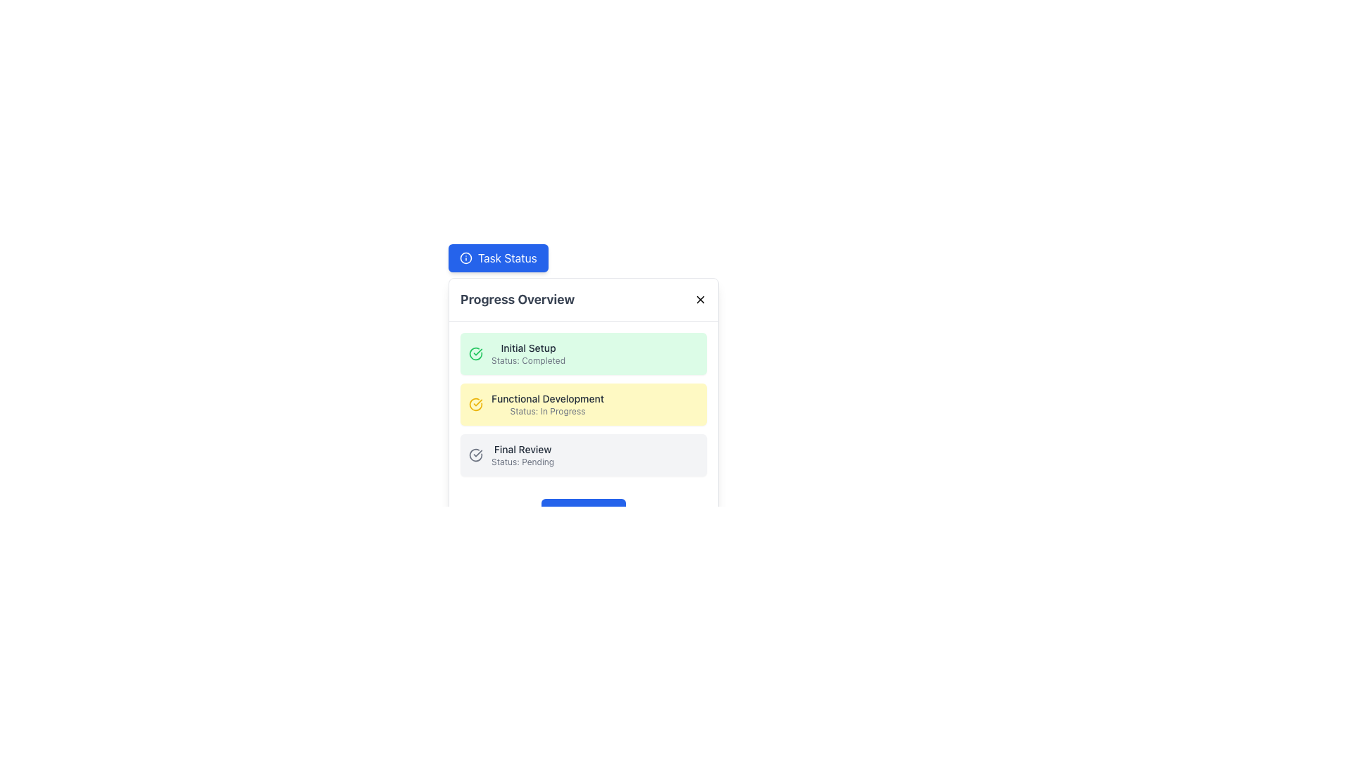 This screenshot has width=1352, height=760. What do you see at coordinates (584, 511) in the screenshot?
I see `the interactive button located at the bottom center of the 'Progress Overview' modal` at bounding box center [584, 511].